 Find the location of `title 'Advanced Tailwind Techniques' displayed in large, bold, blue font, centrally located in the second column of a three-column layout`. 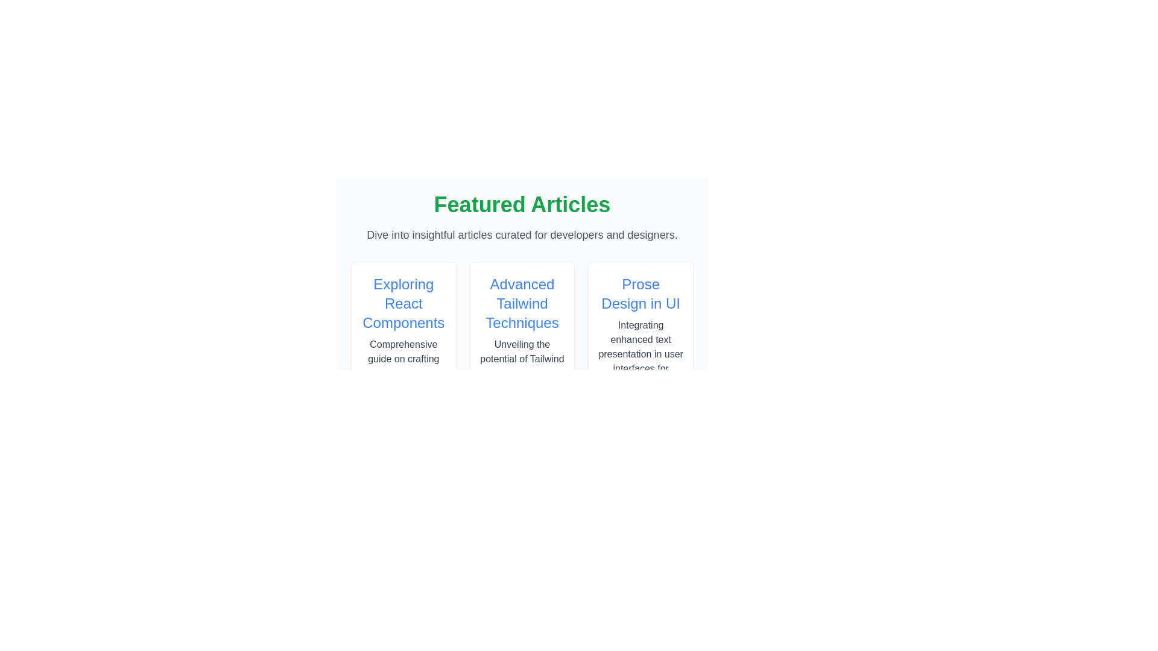

title 'Advanced Tailwind Techniques' displayed in large, bold, blue font, centrally located in the second column of a three-column layout is located at coordinates (522, 303).